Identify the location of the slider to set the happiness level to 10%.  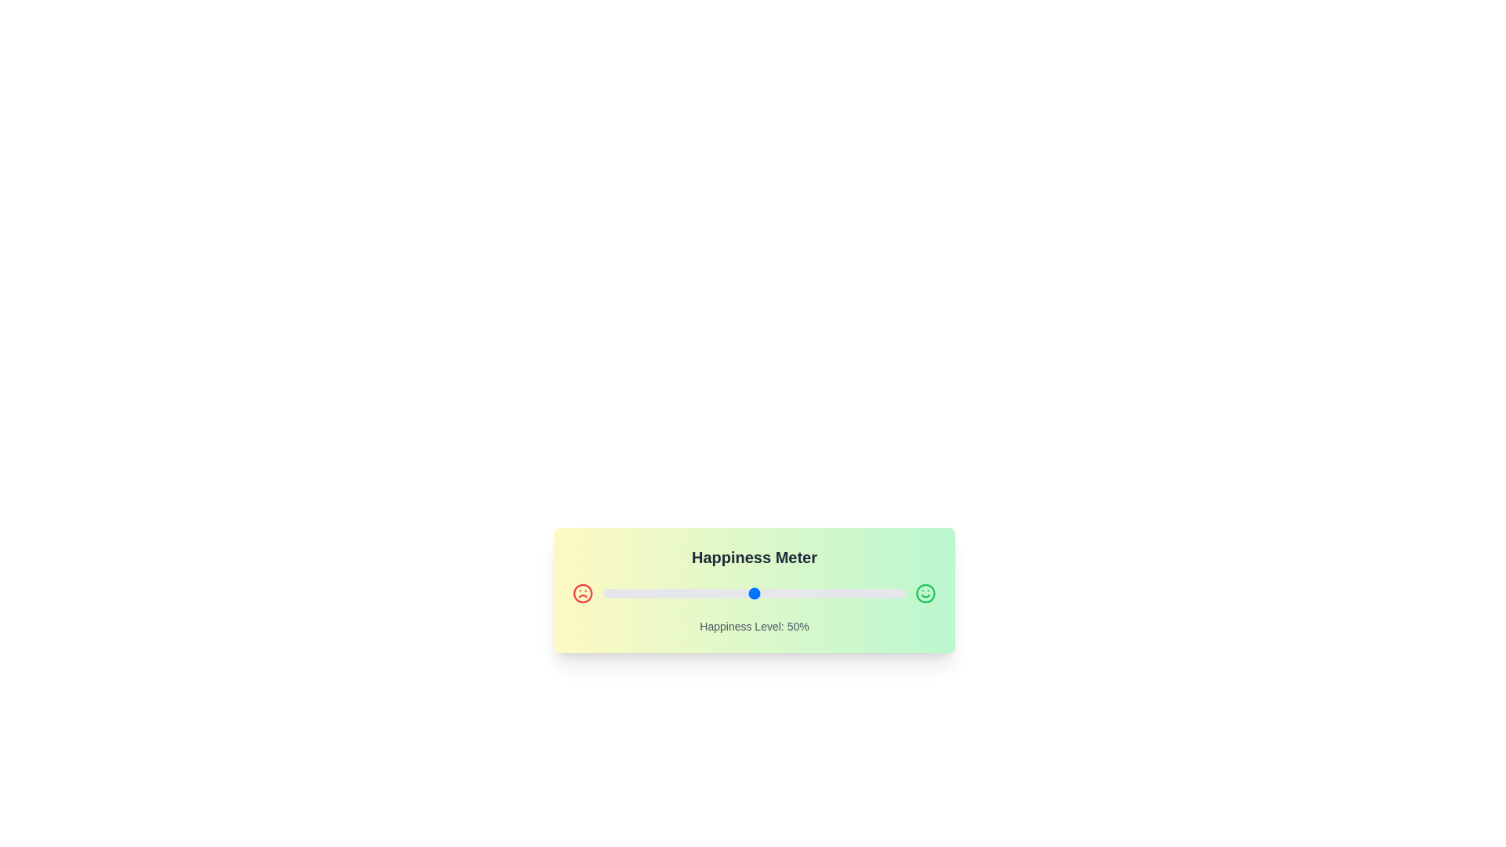
(633, 593).